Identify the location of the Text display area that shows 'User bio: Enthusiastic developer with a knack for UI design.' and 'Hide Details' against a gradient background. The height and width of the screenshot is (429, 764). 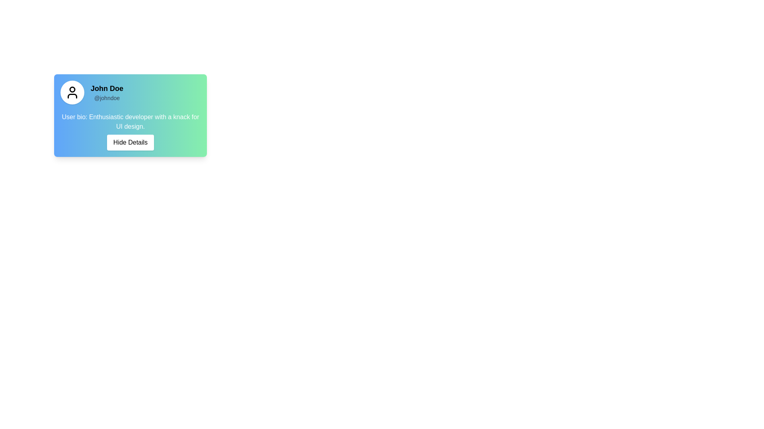
(130, 131).